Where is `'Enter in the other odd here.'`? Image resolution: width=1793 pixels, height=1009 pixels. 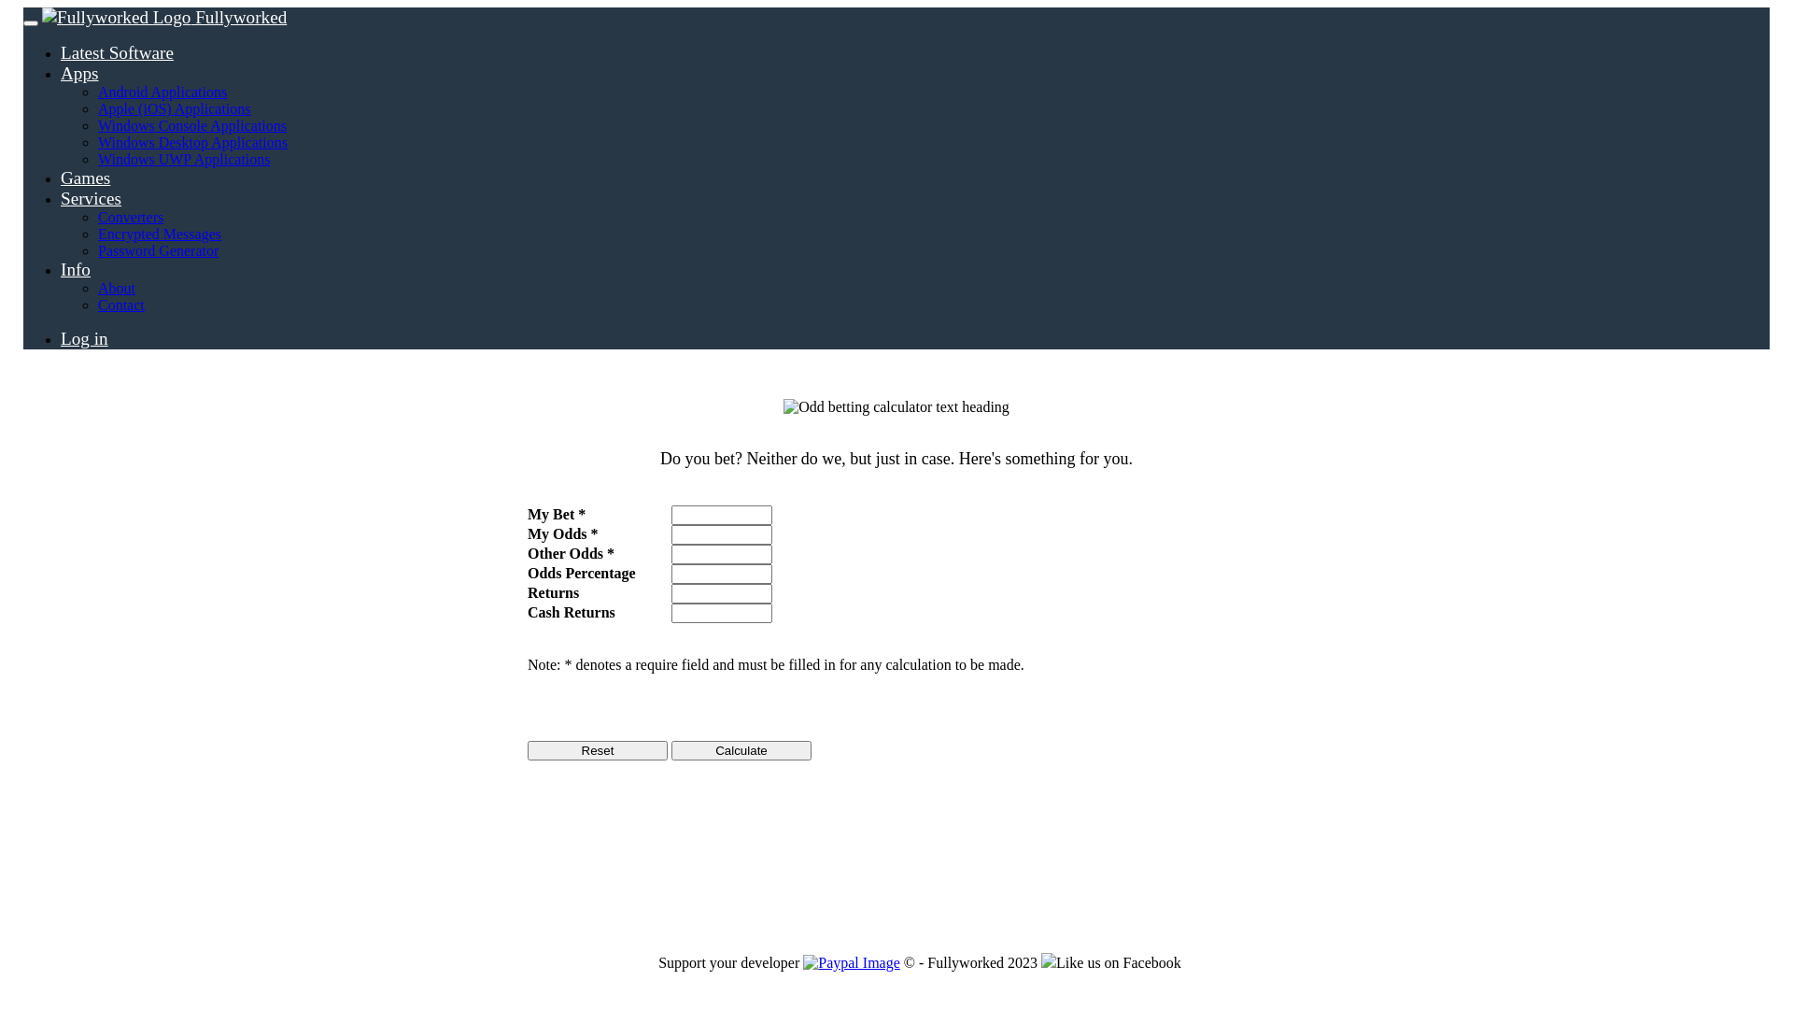
'Enter in the other odd here.' is located at coordinates (720, 553).